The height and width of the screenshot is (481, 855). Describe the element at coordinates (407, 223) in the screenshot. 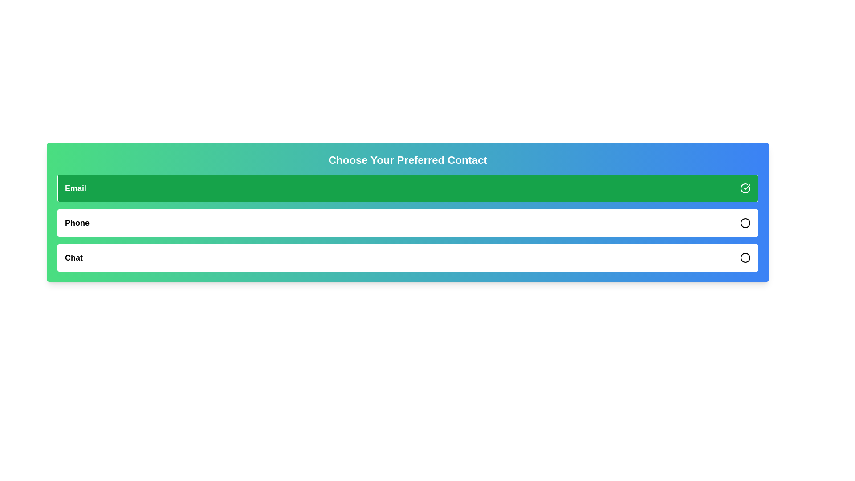

I see `the circular radio button next to the 'Phone' selectable list item` at that location.